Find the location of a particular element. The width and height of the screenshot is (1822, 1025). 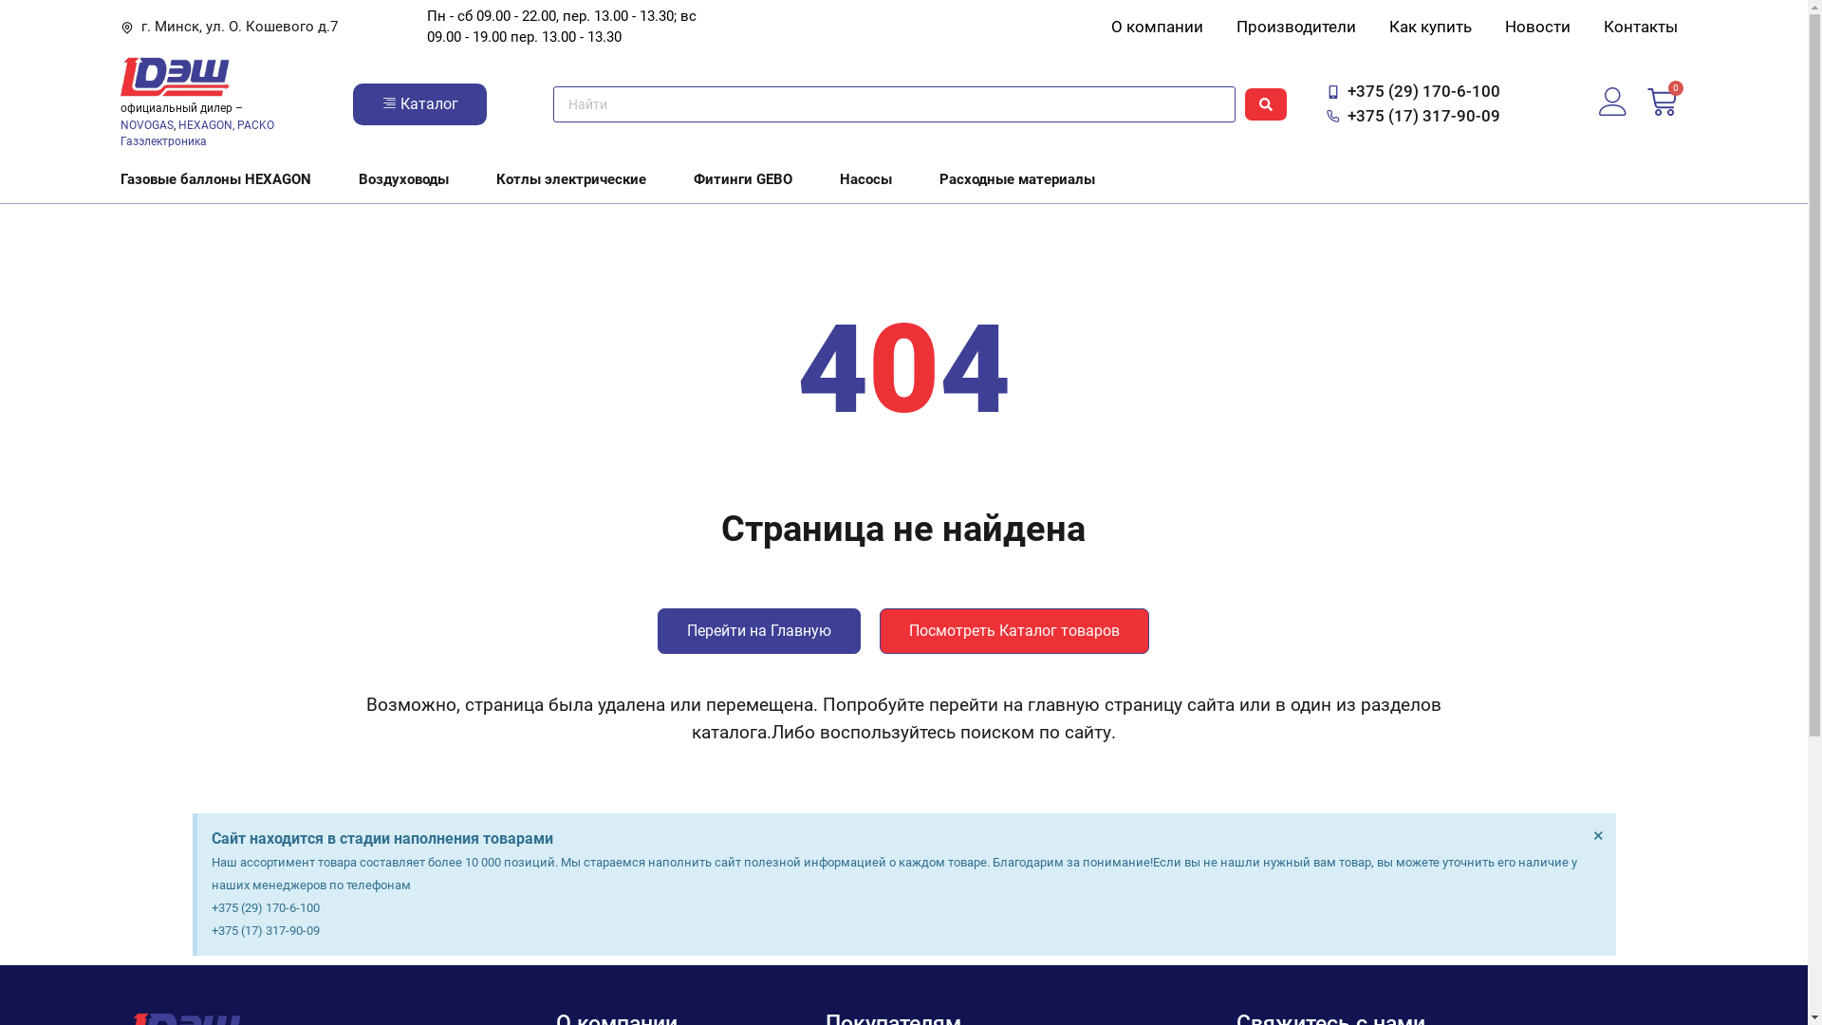

'NOVOGAS' is located at coordinates (145, 124).